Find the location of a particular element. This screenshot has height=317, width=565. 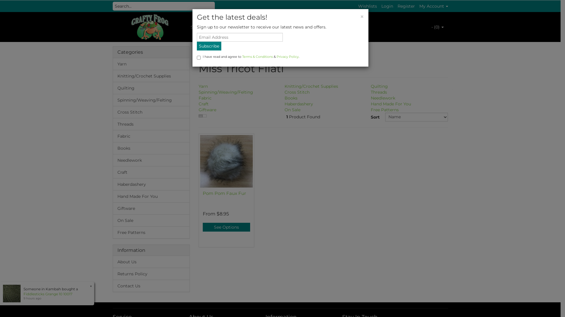

'Cross Stitch' is located at coordinates (297, 92).